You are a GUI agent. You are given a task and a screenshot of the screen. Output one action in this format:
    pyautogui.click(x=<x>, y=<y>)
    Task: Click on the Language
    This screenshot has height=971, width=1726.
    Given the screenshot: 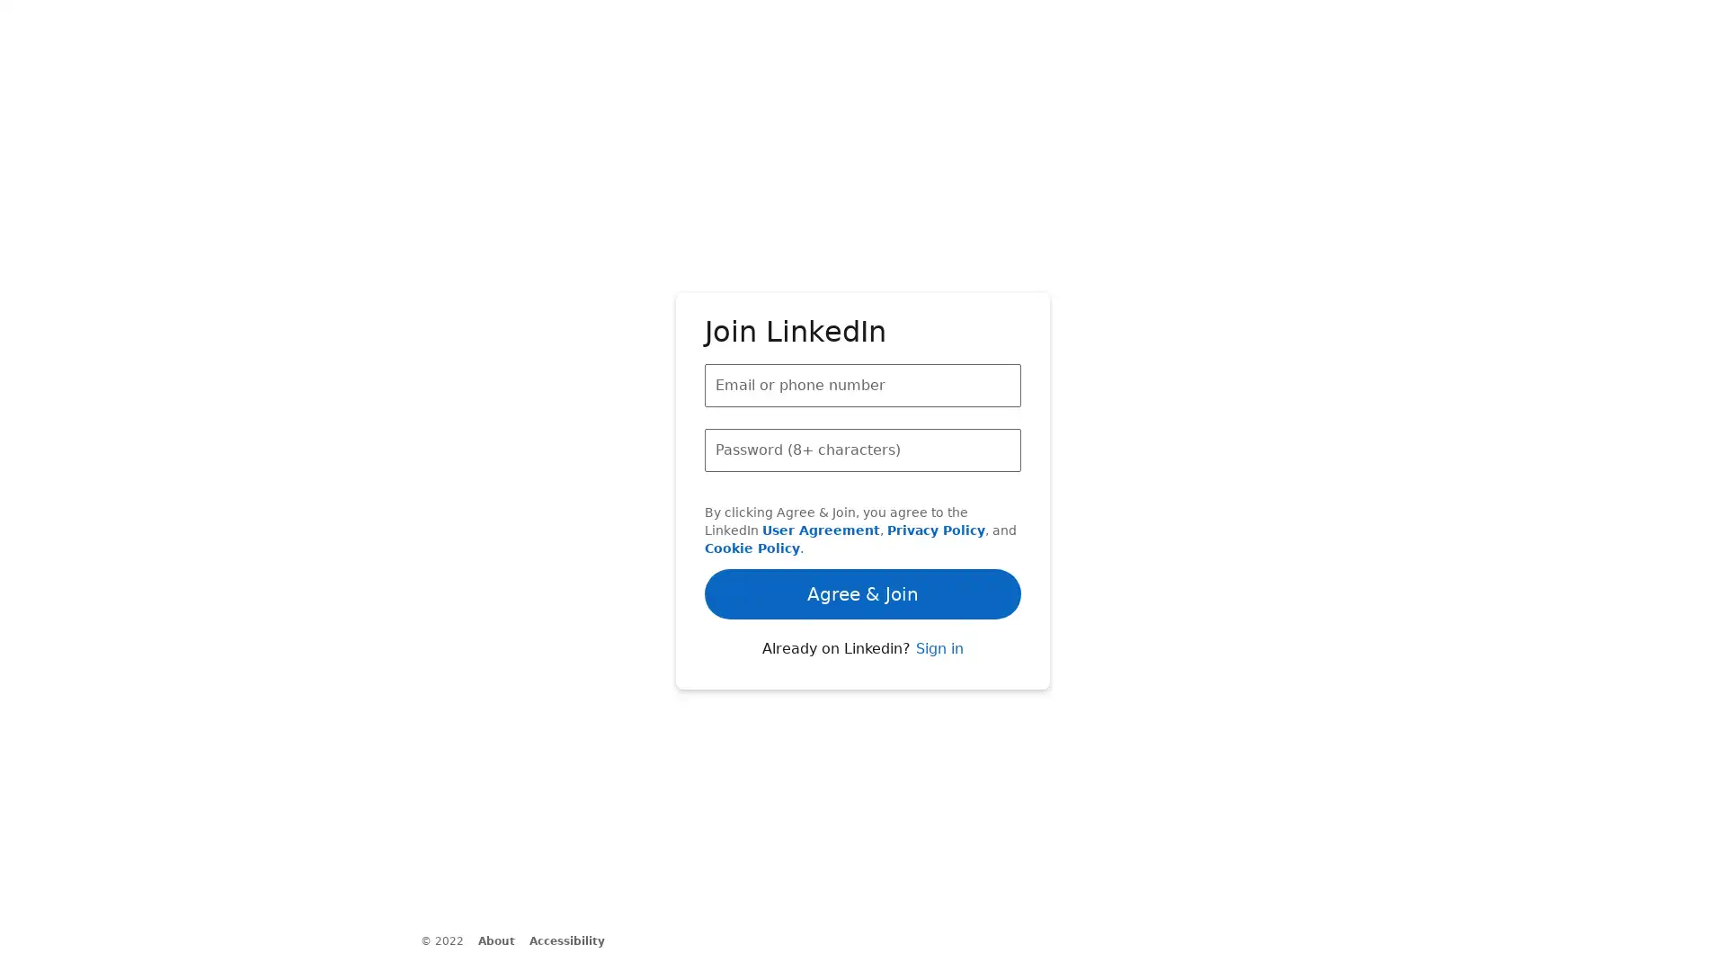 What is the action you would take?
    pyautogui.click(x=556, y=953)
    